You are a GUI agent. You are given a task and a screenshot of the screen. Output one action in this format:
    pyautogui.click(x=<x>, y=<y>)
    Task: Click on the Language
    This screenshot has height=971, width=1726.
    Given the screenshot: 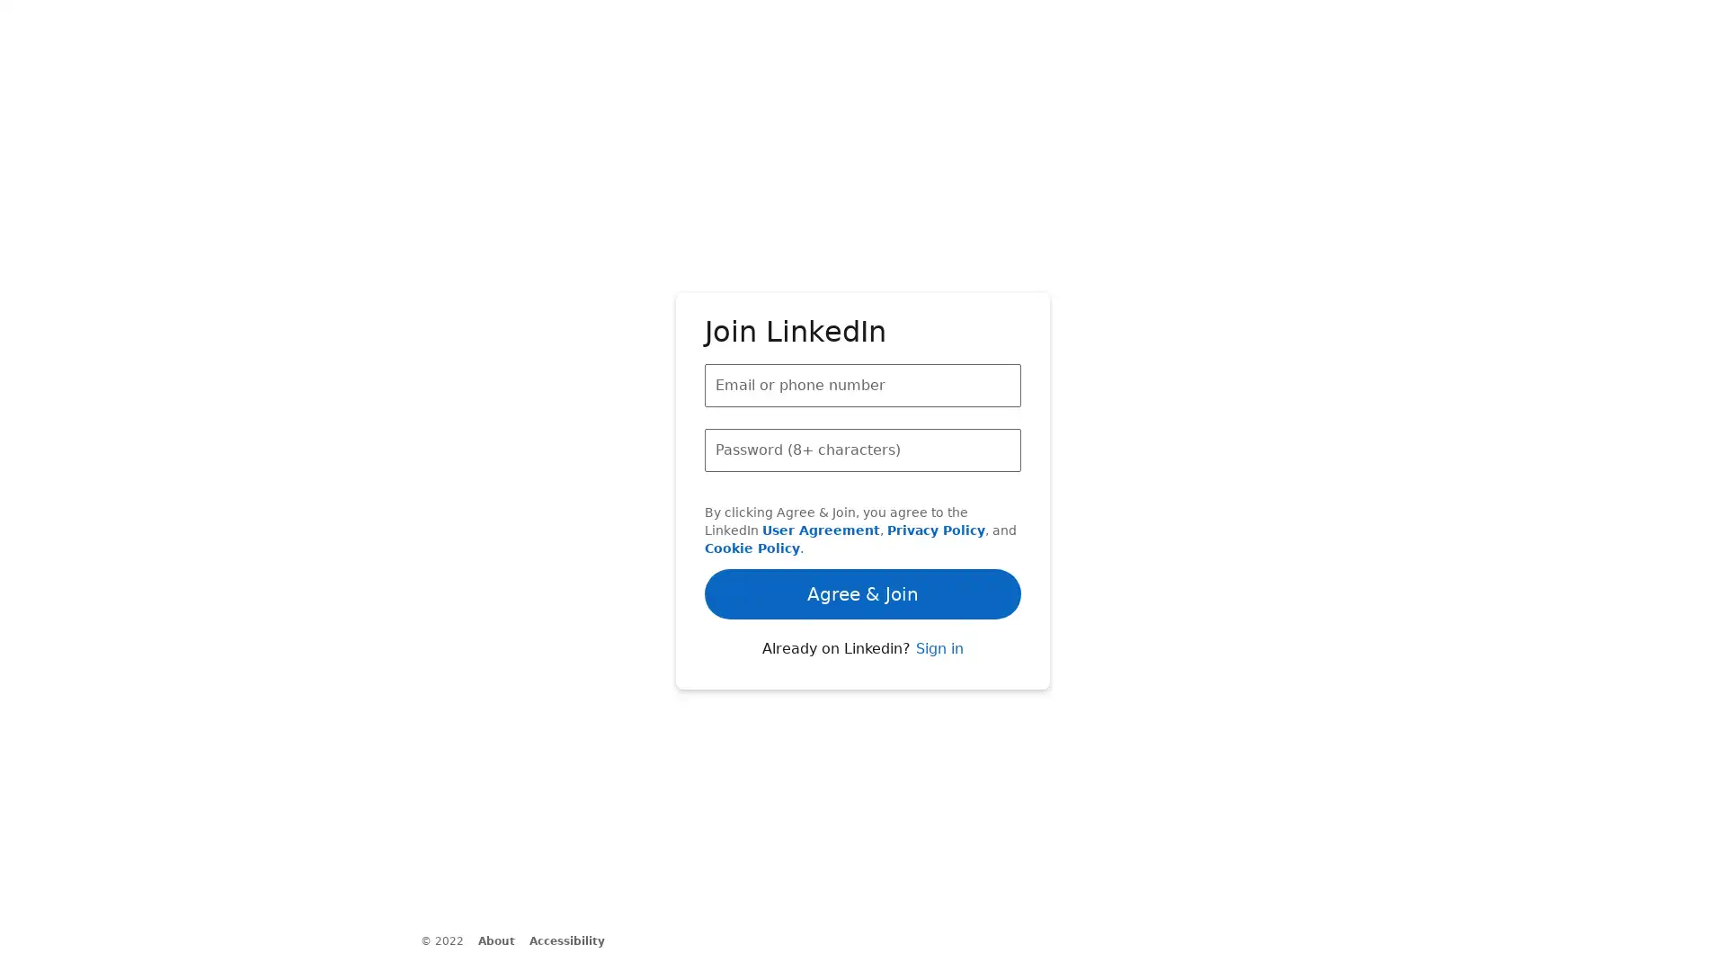 What is the action you would take?
    pyautogui.click(x=556, y=953)
    